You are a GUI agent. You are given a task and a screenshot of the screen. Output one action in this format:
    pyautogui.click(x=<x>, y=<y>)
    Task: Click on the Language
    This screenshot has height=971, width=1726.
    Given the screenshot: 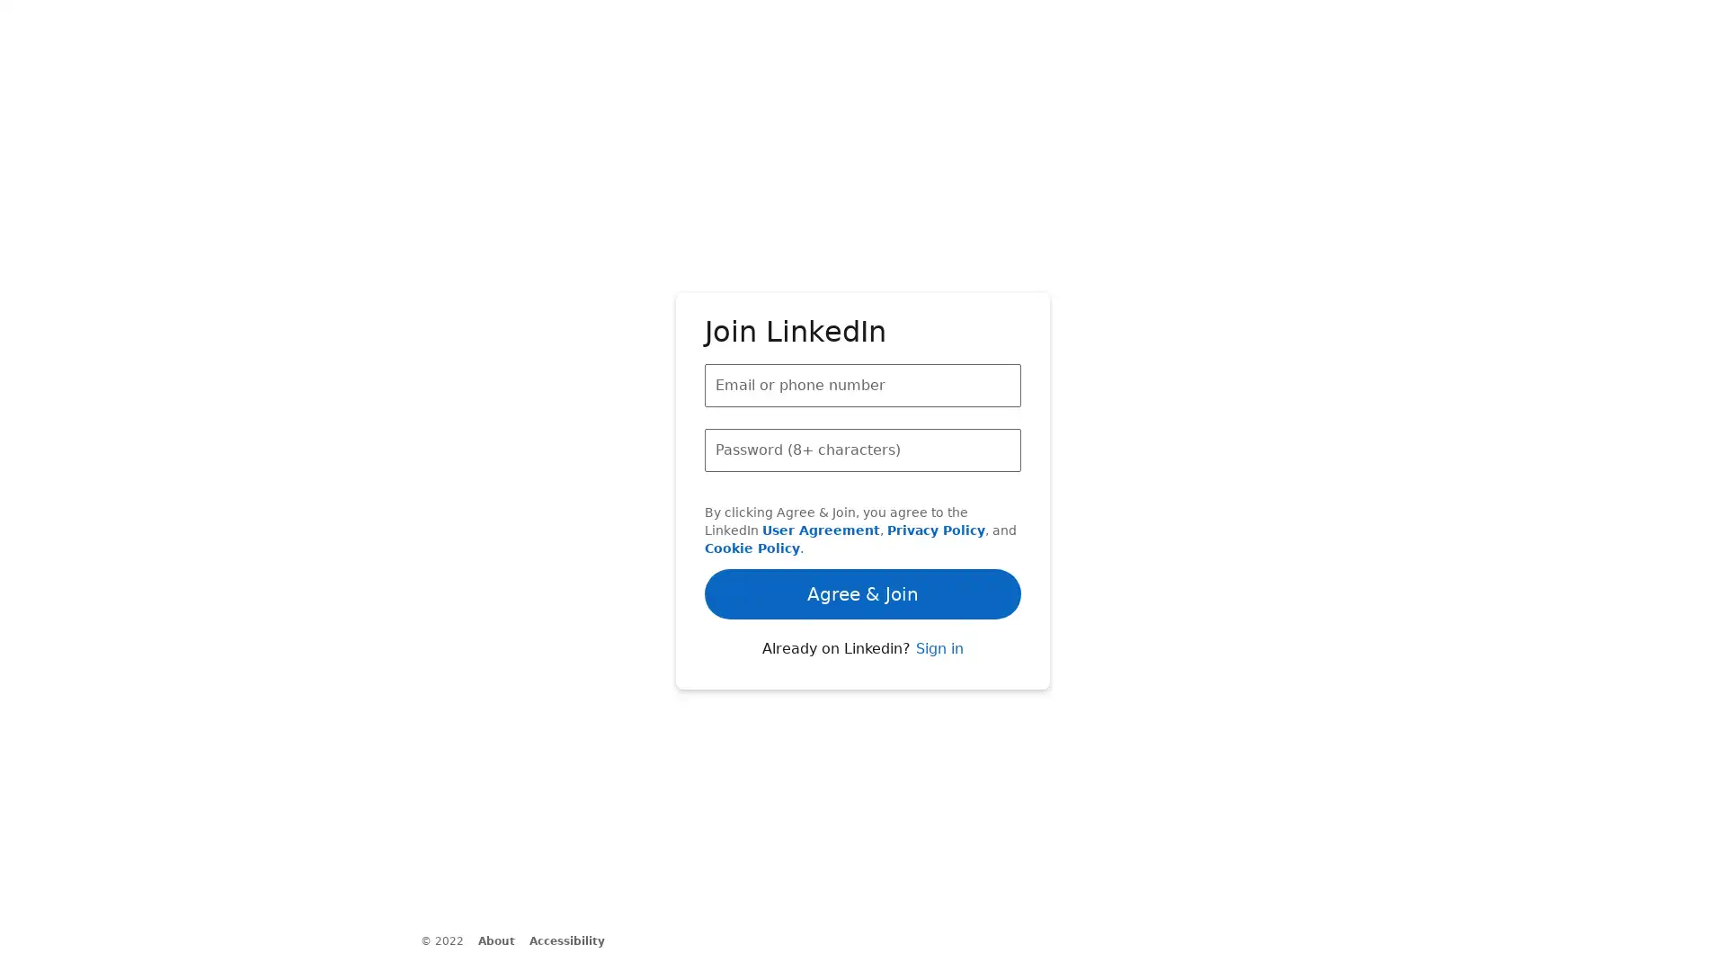 What is the action you would take?
    pyautogui.click(x=556, y=953)
    